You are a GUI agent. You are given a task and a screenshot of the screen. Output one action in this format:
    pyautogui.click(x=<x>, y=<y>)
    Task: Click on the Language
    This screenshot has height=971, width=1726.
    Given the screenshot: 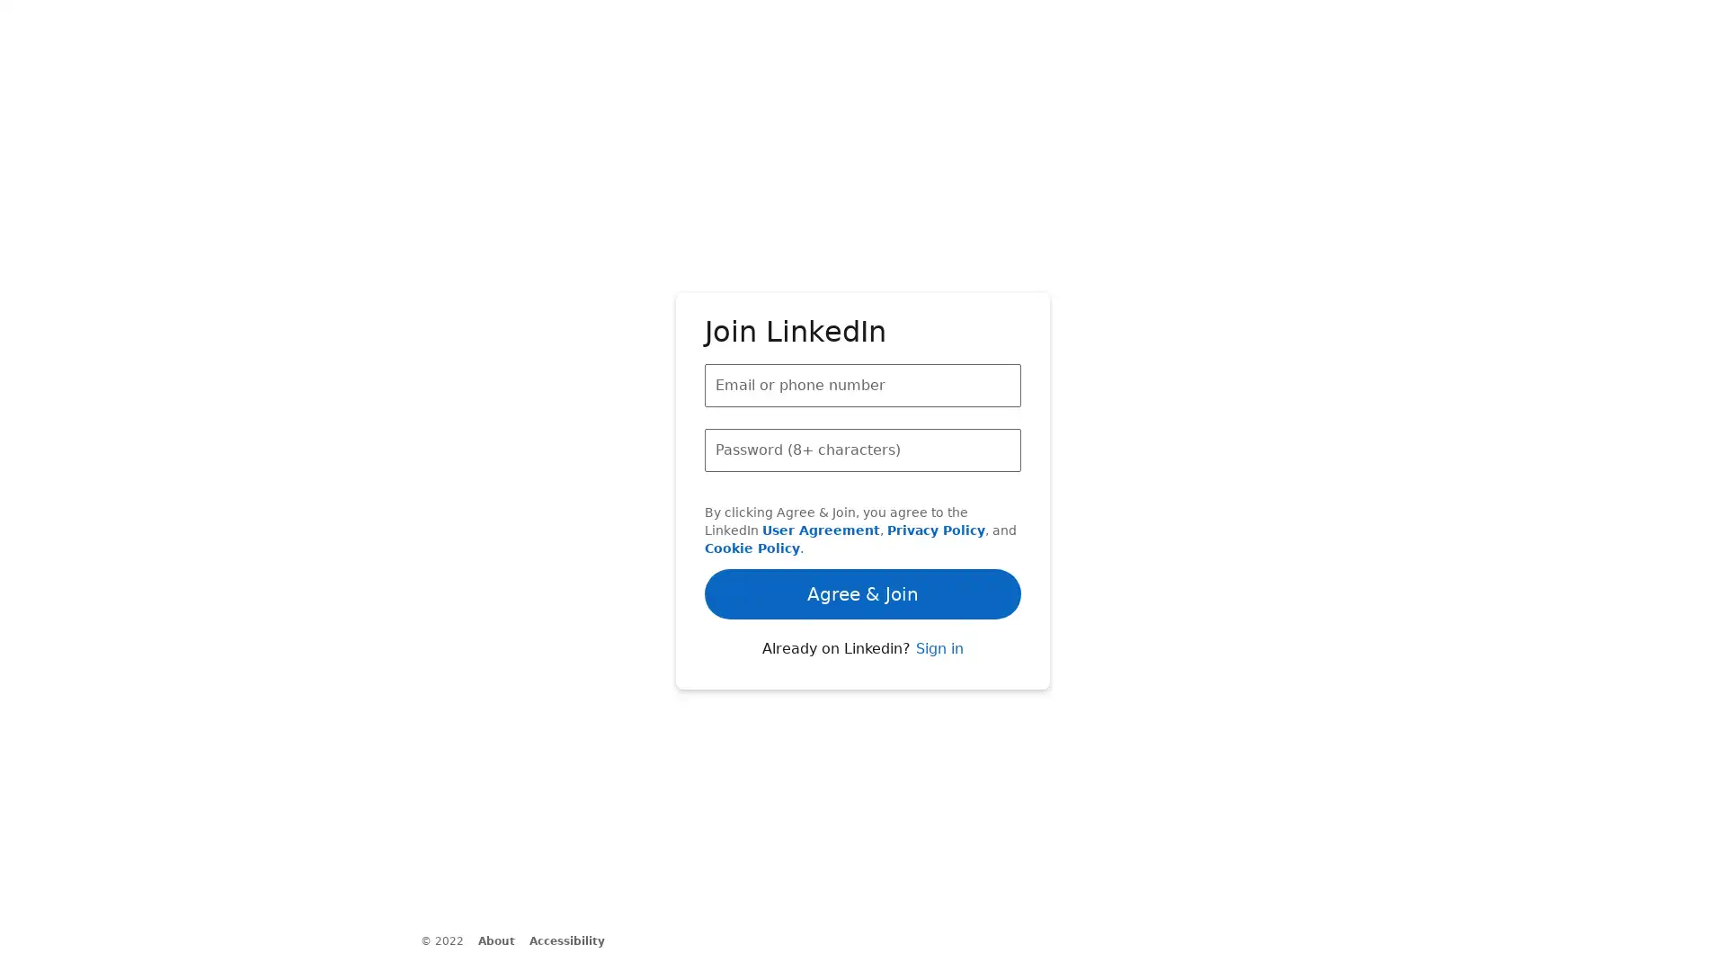 What is the action you would take?
    pyautogui.click(x=556, y=953)
    